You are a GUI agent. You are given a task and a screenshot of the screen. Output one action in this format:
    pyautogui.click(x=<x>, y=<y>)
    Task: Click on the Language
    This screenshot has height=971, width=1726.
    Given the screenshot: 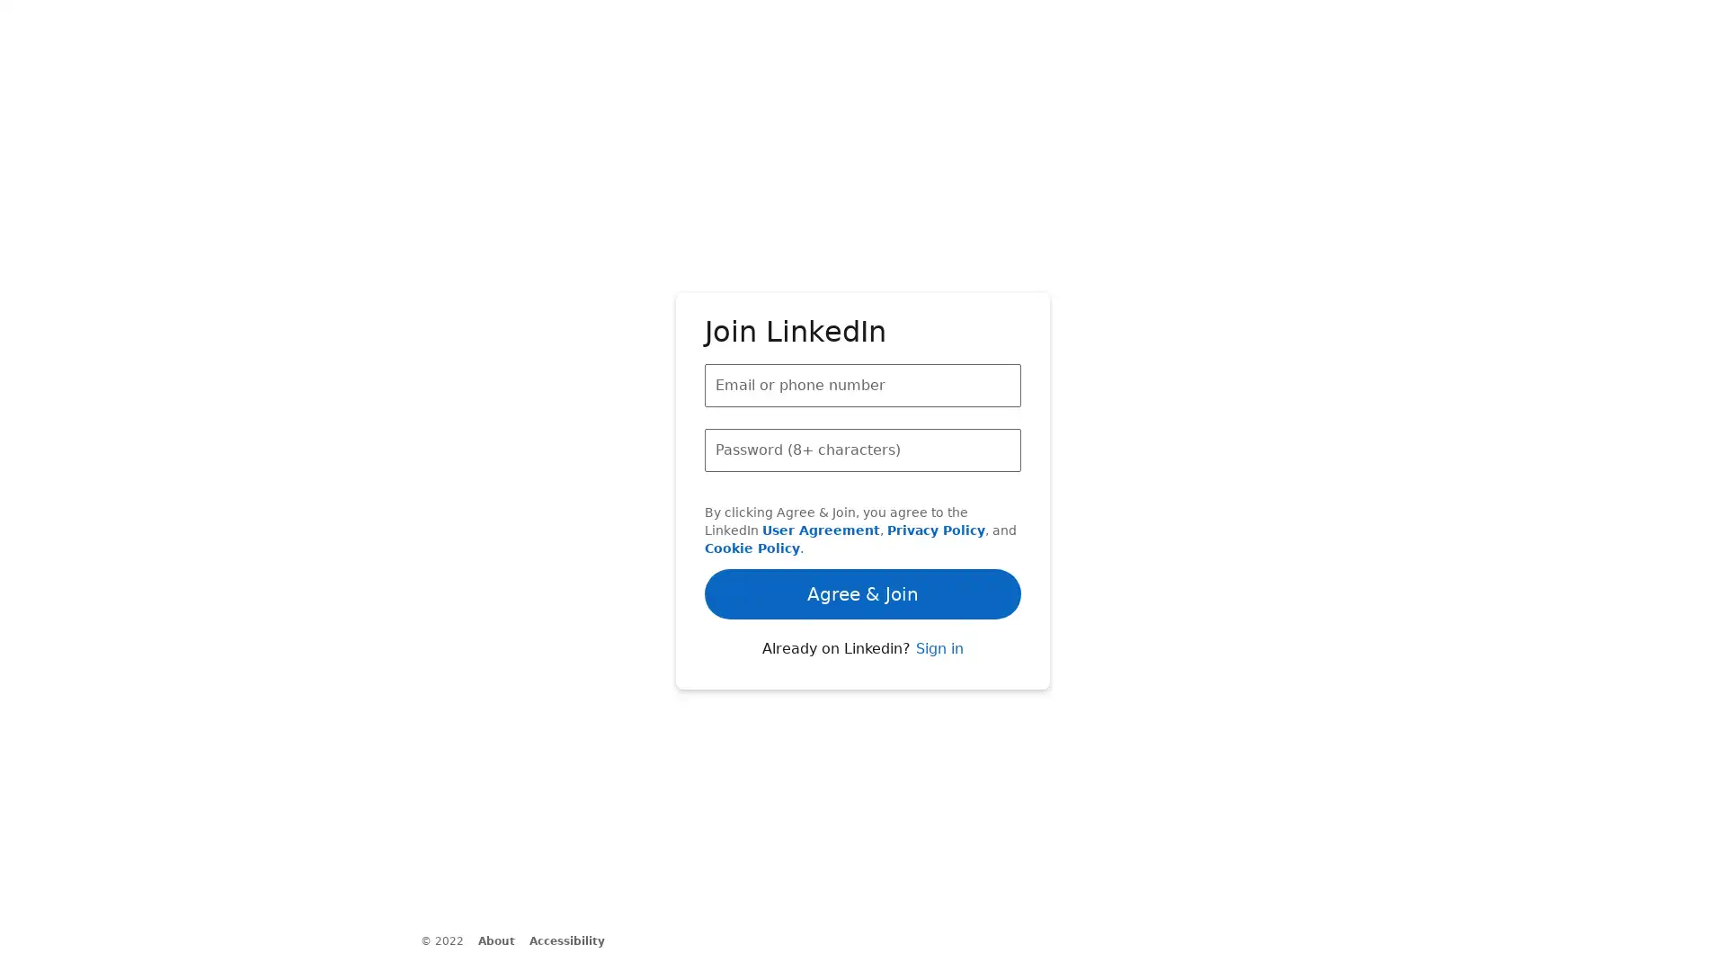 What is the action you would take?
    pyautogui.click(x=556, y=953)
    